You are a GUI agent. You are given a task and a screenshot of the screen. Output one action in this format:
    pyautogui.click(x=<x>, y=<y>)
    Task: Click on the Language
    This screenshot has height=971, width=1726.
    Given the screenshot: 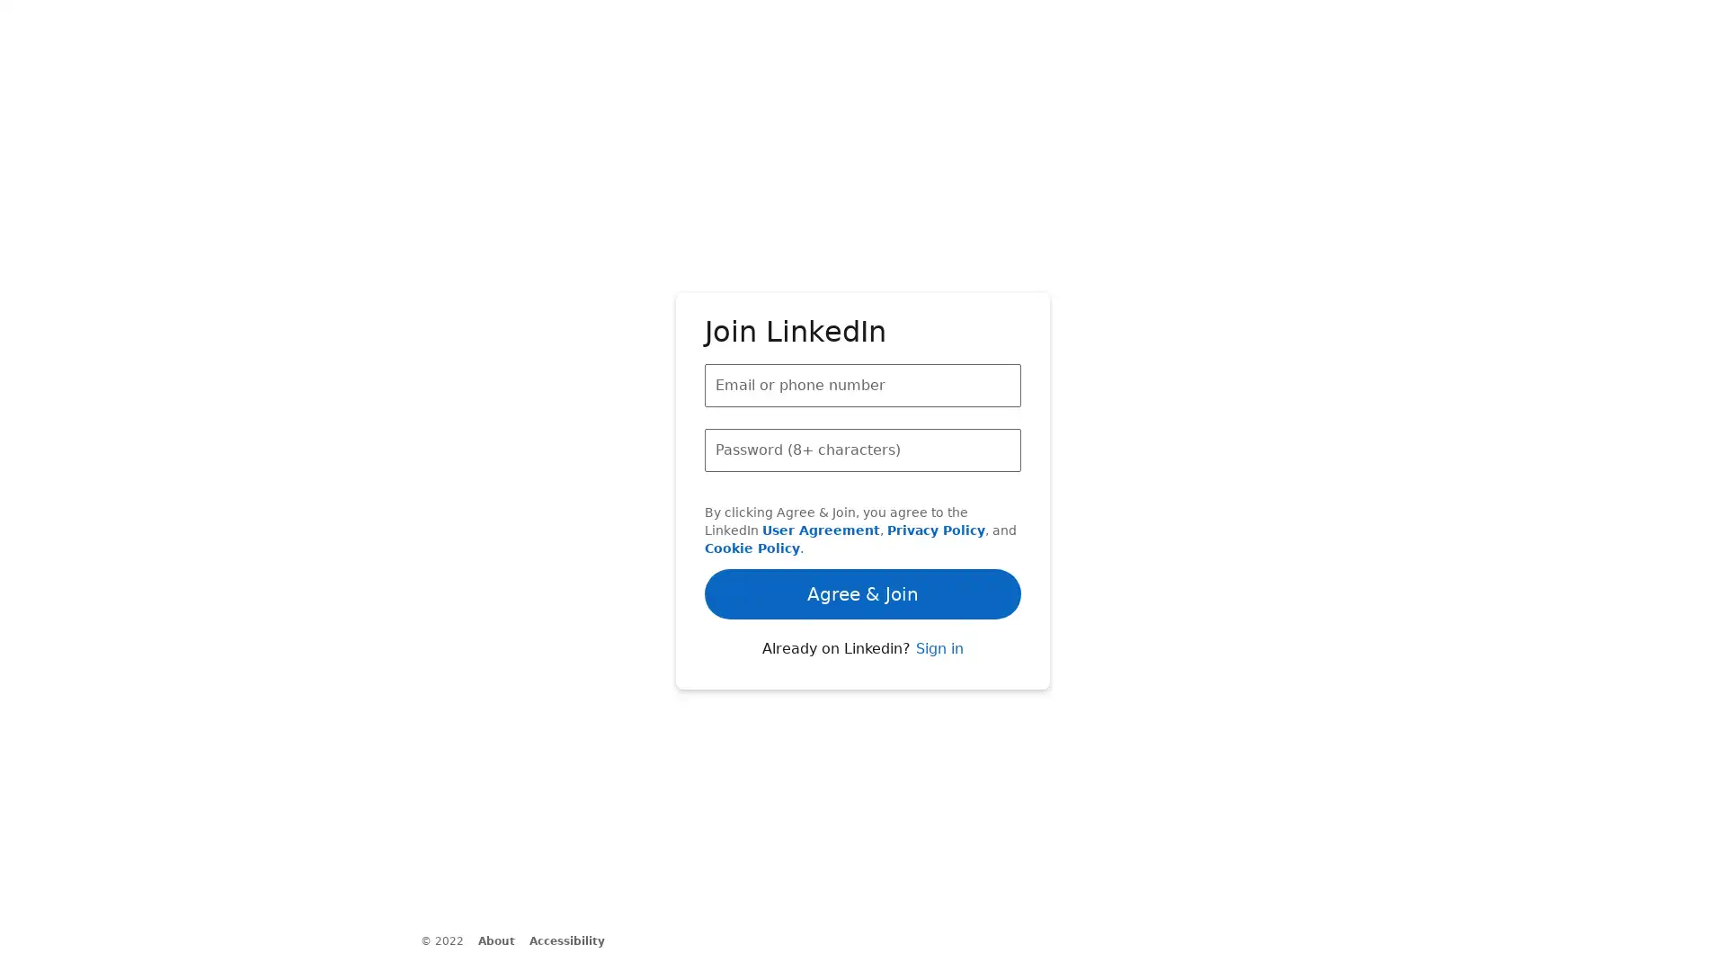 What is the action you would take?
    pyautogui.click(x=556, y=953)
    